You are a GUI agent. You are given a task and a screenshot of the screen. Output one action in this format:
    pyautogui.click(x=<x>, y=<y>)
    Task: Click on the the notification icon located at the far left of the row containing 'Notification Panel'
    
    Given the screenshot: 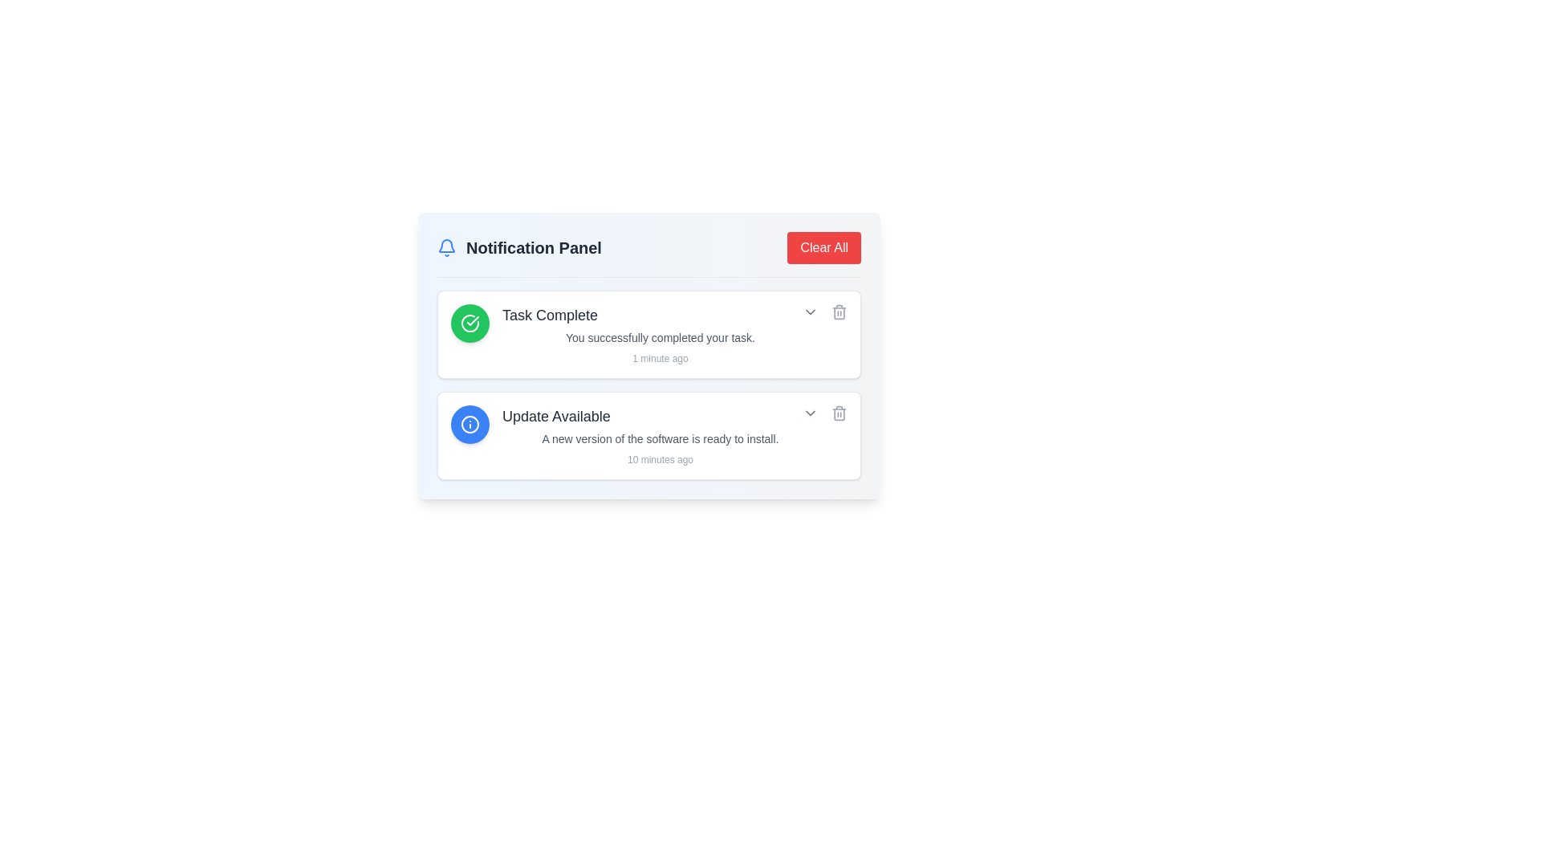 What is the action you would take?
    pyautogui.click(x=446, y=247)
    